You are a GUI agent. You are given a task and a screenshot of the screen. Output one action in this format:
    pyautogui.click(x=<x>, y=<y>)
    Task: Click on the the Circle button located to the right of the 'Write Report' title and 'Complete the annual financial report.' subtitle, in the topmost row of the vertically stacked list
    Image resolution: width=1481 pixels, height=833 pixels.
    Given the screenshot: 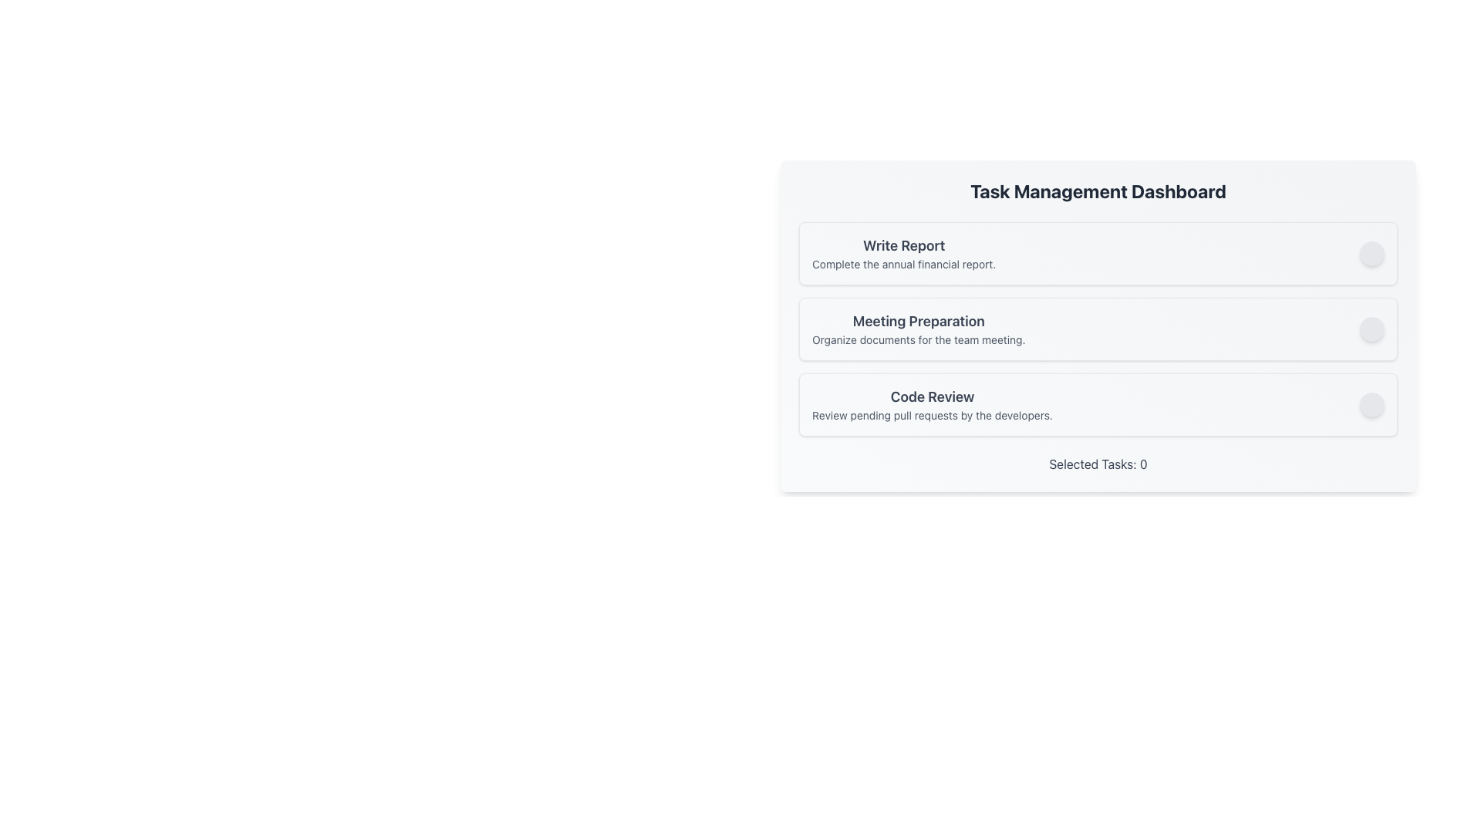 What is the action you would take?
    pyautogui.click(x=1372, y=252)
    